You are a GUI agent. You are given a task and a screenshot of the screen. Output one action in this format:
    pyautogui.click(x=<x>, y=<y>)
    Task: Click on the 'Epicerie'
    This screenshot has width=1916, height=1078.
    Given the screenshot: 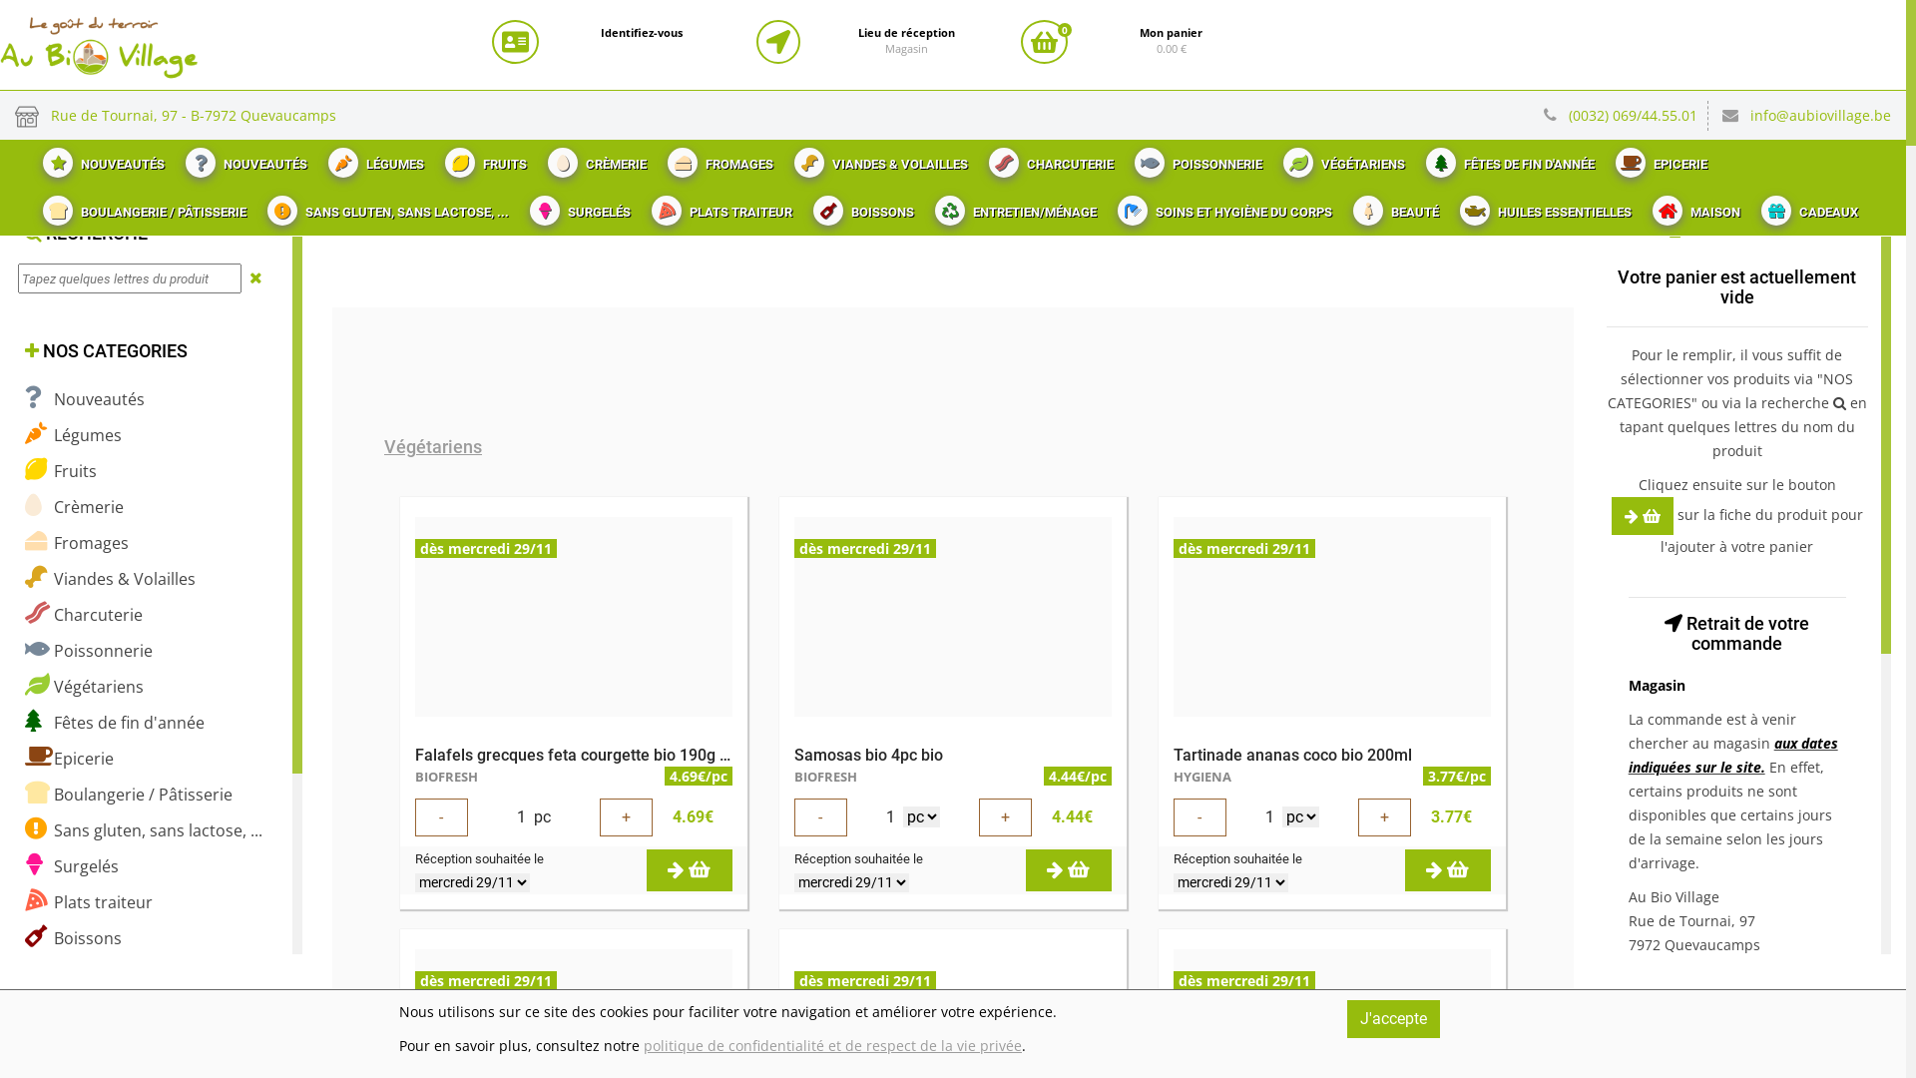 What is the action you would take?
    pyautogui.click(x=69, y=758)
    